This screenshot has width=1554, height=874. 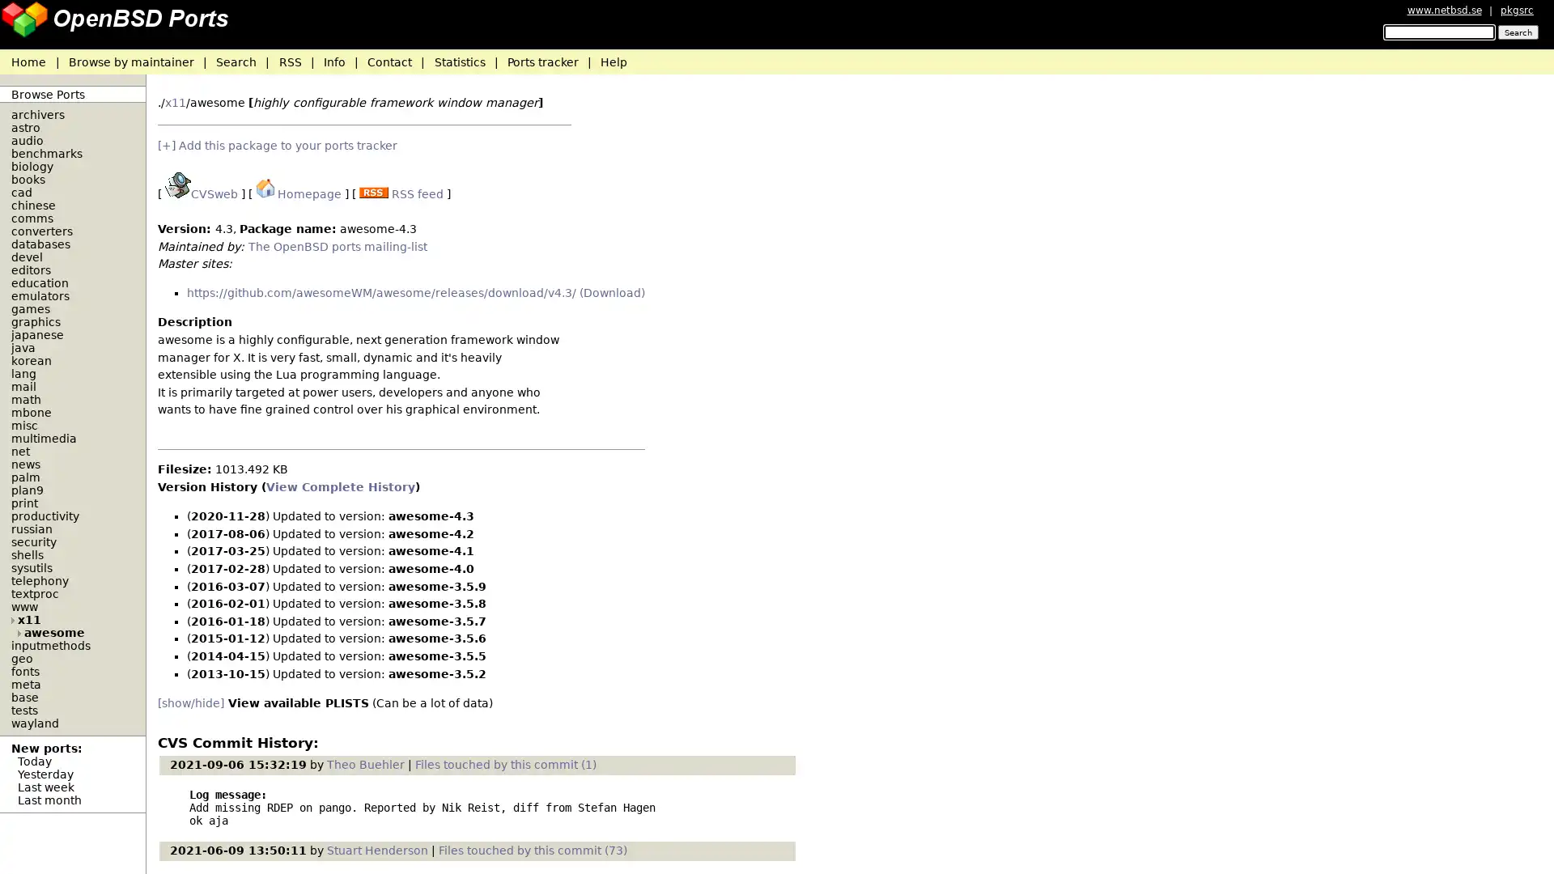 I want to click on Search, so click(x=1517, y=32).